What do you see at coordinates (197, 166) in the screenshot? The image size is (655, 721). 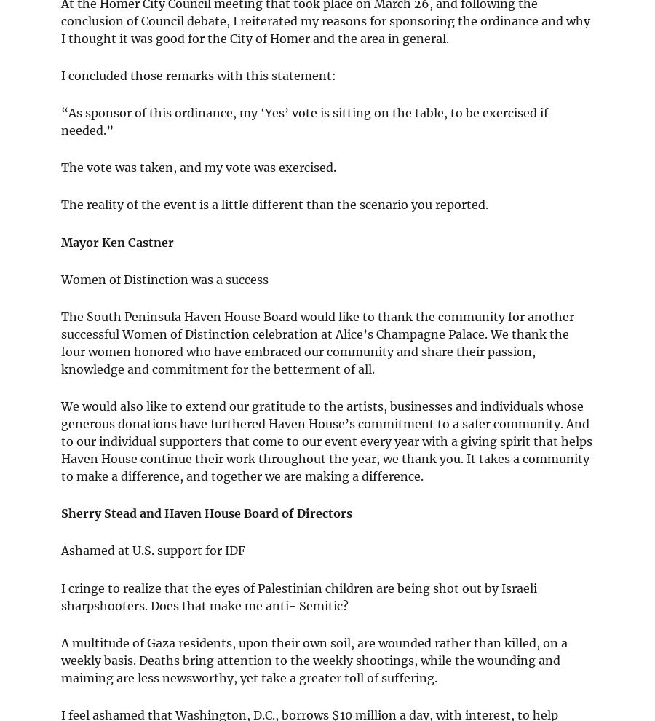 I see `'The vote was taken, and my vote was exercised.'` at bounding box center [197, 166].